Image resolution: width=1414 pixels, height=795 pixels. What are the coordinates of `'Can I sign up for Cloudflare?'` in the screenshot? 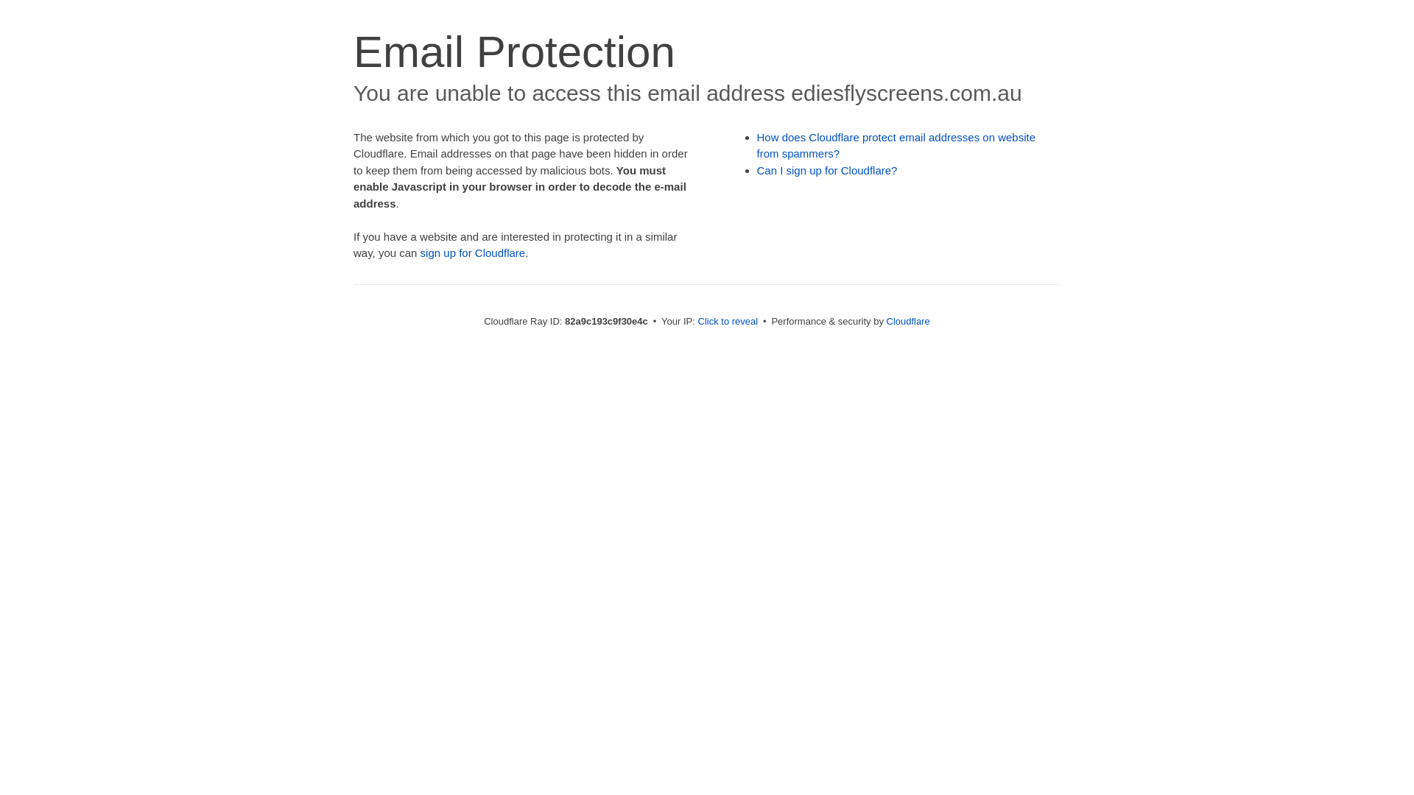 It's located at (827, 169).